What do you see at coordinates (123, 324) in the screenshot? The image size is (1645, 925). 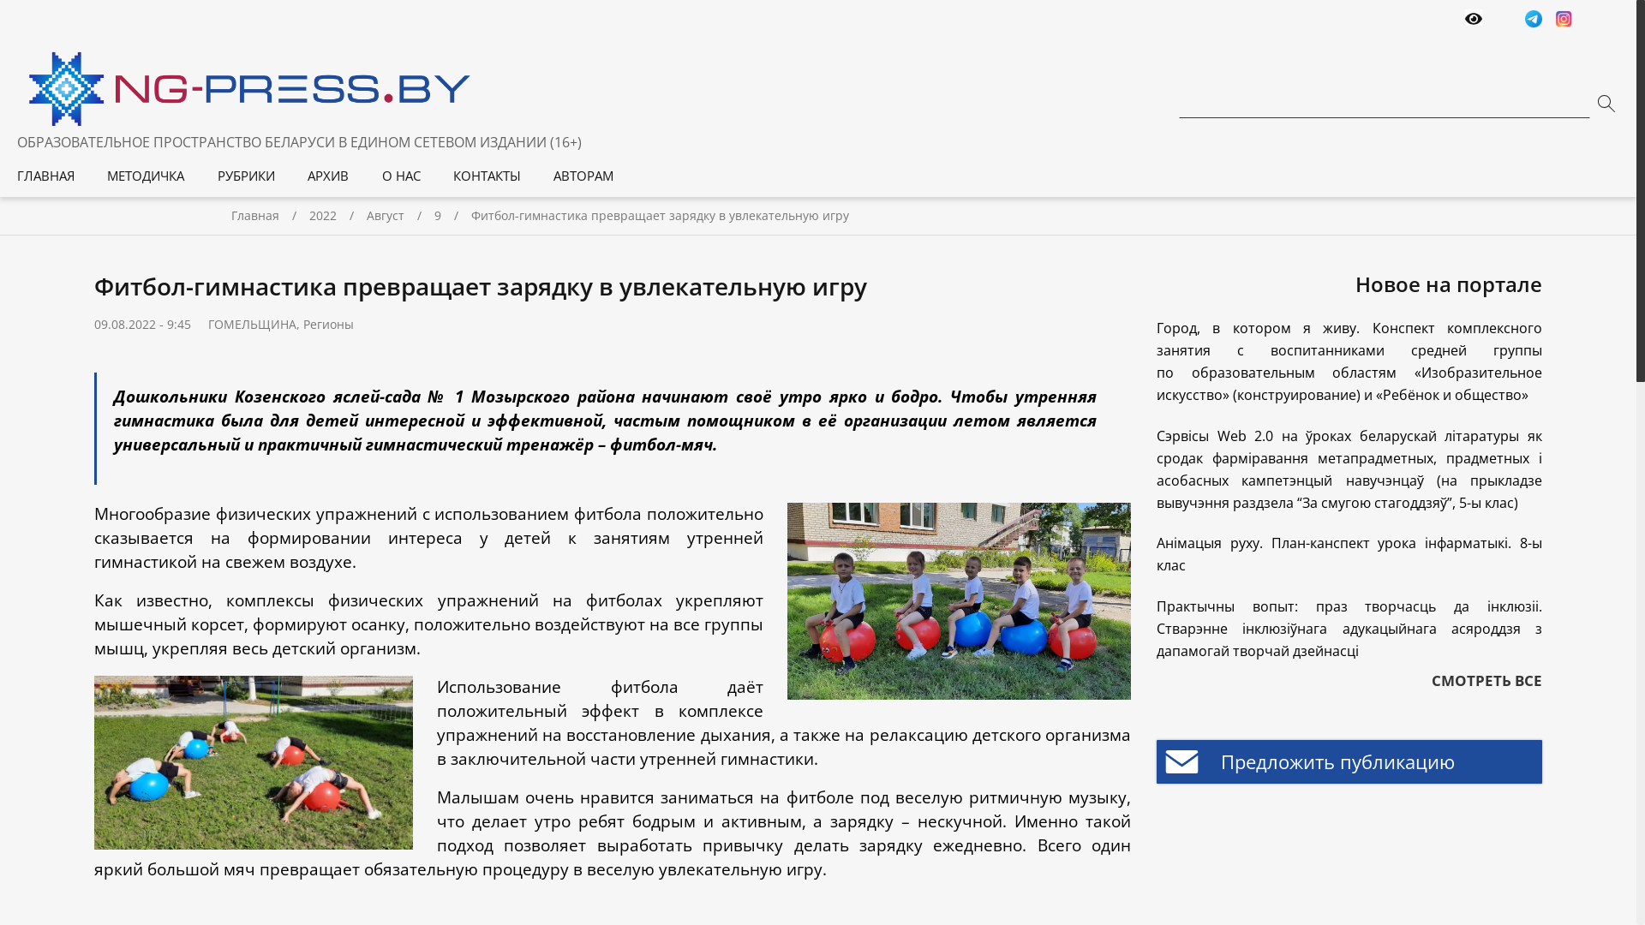 I see `'09.08.2022'` at bounding box center [123, 324].